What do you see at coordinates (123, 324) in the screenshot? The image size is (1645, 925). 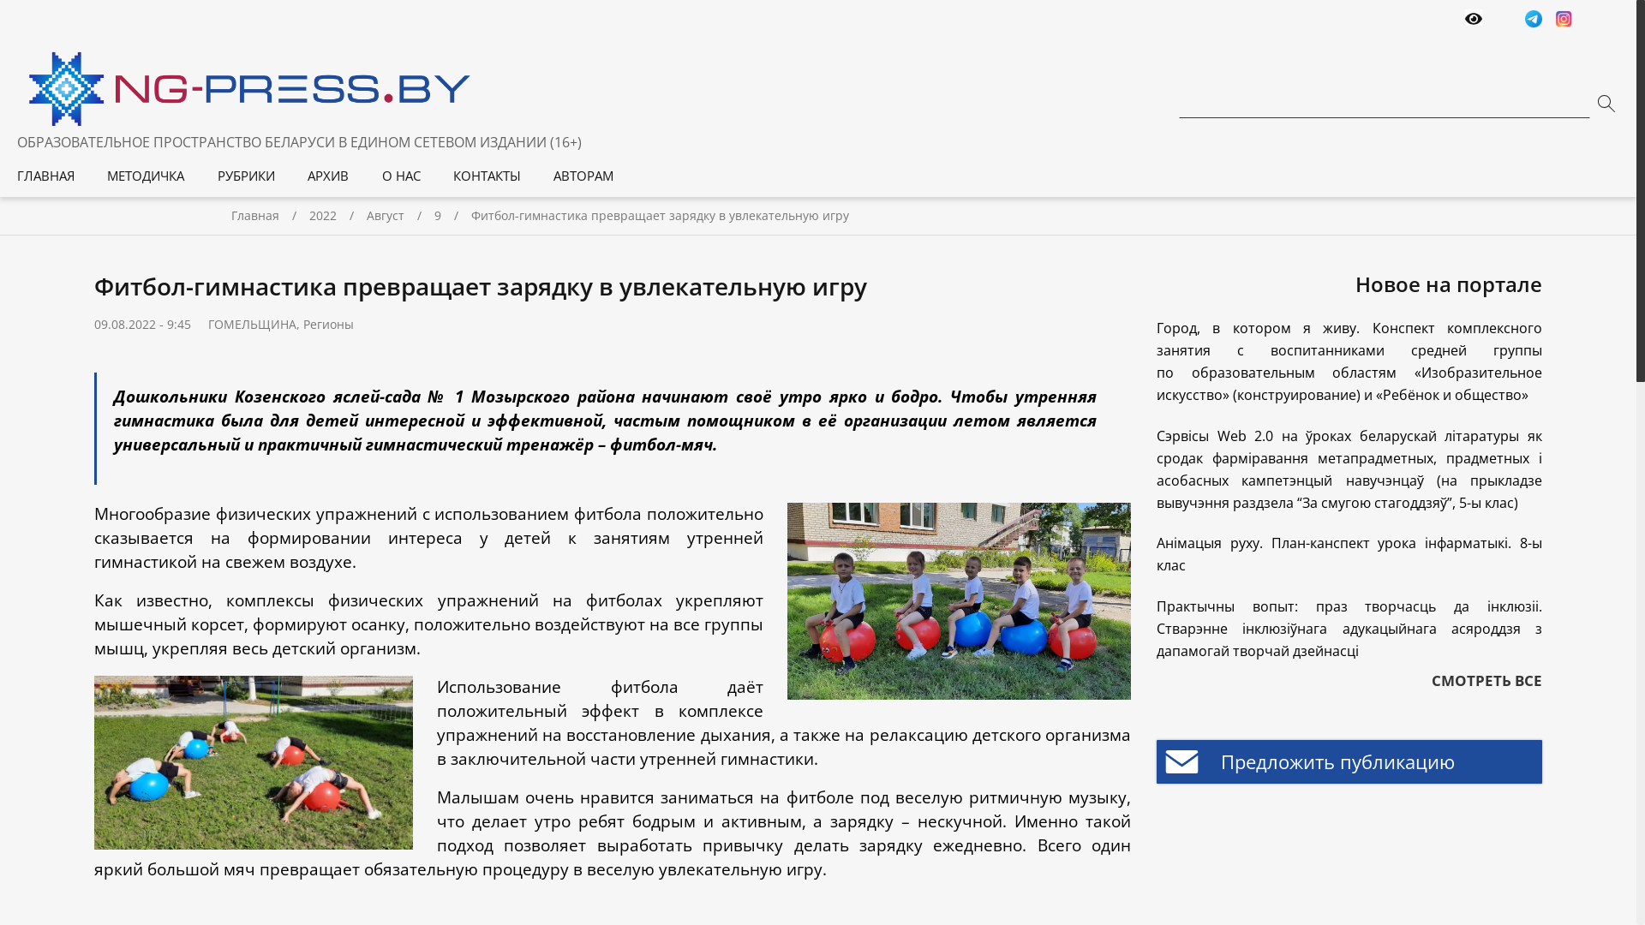 I see `'09.08.2022'` at bounding box center [123, 324].